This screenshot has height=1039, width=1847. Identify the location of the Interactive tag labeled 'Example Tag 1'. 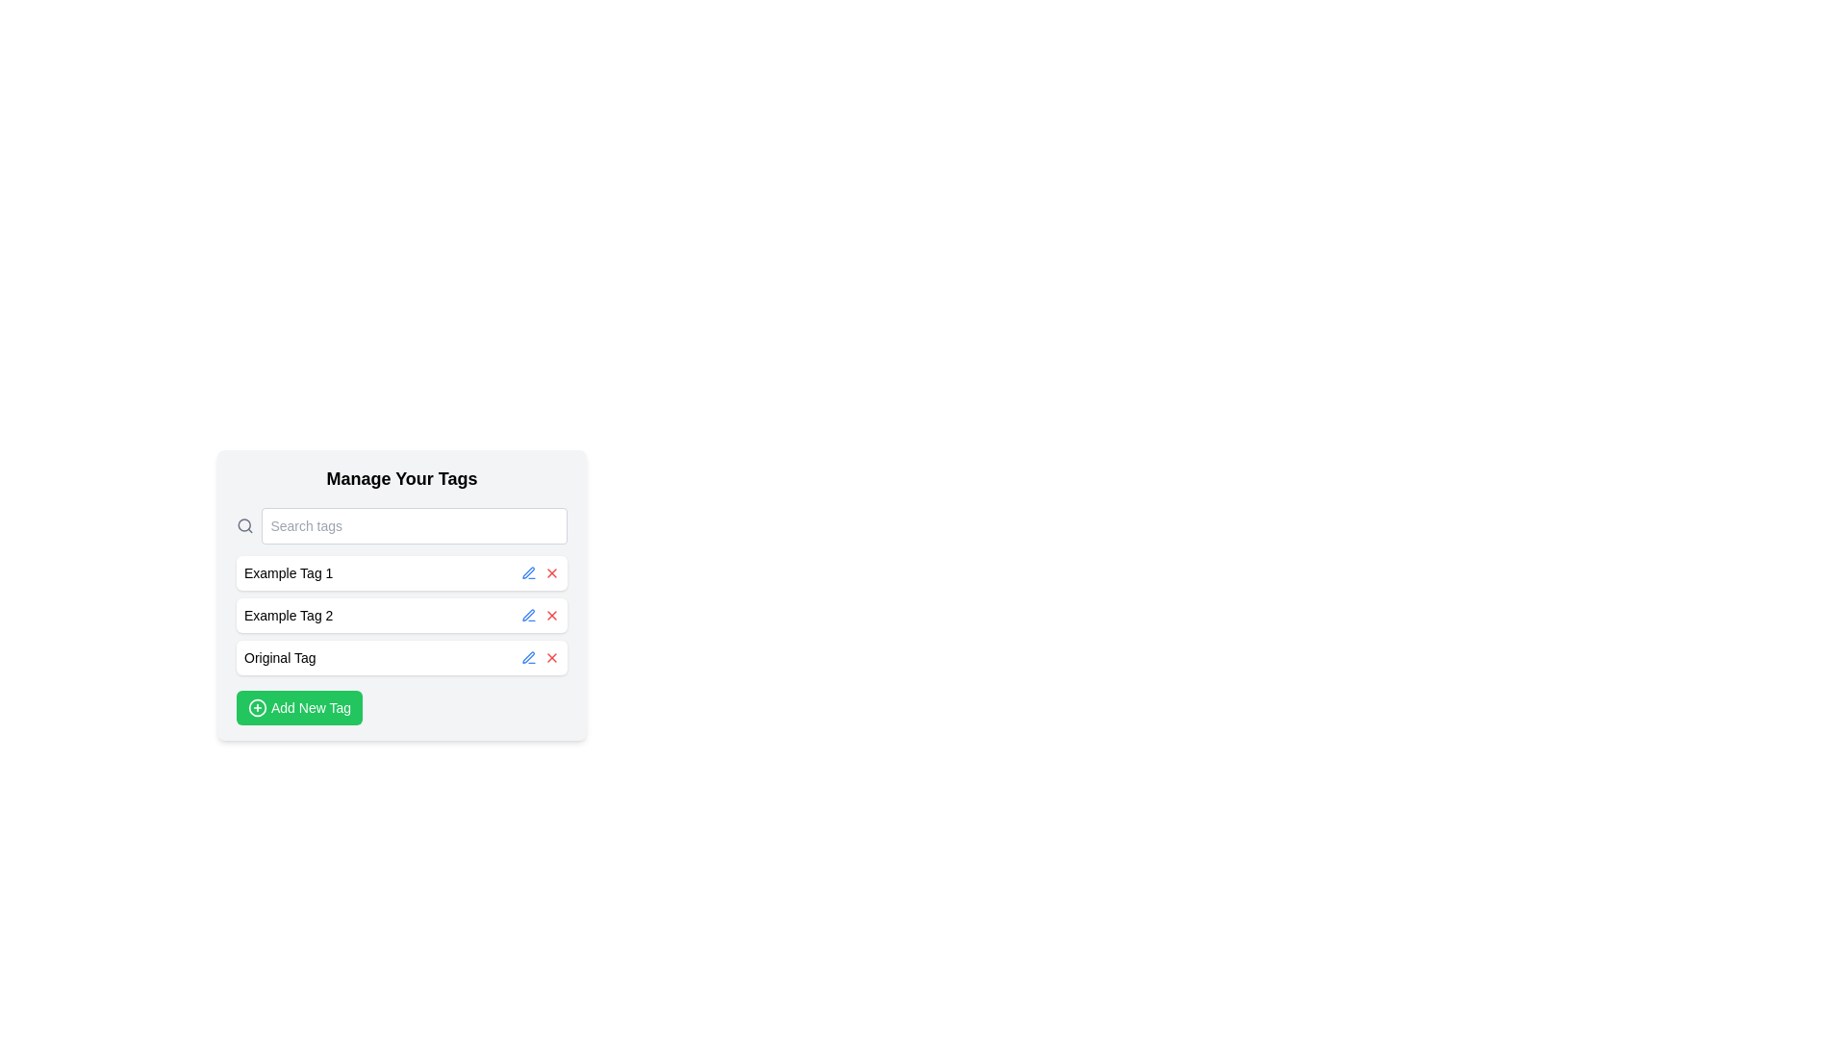
(400, 572).